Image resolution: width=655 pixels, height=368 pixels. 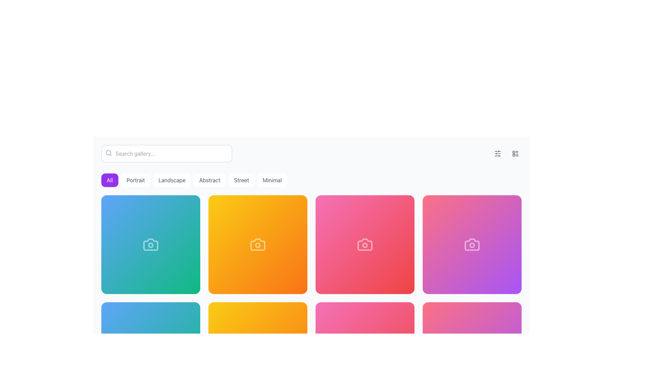 What do you see at coordinates (272, 180) in the screenshot?
I see `the filter button located at the top of the gallery, which is the sixth button in a horizontal sequence, to observe the hover effect` at bounding box center [272, 180].